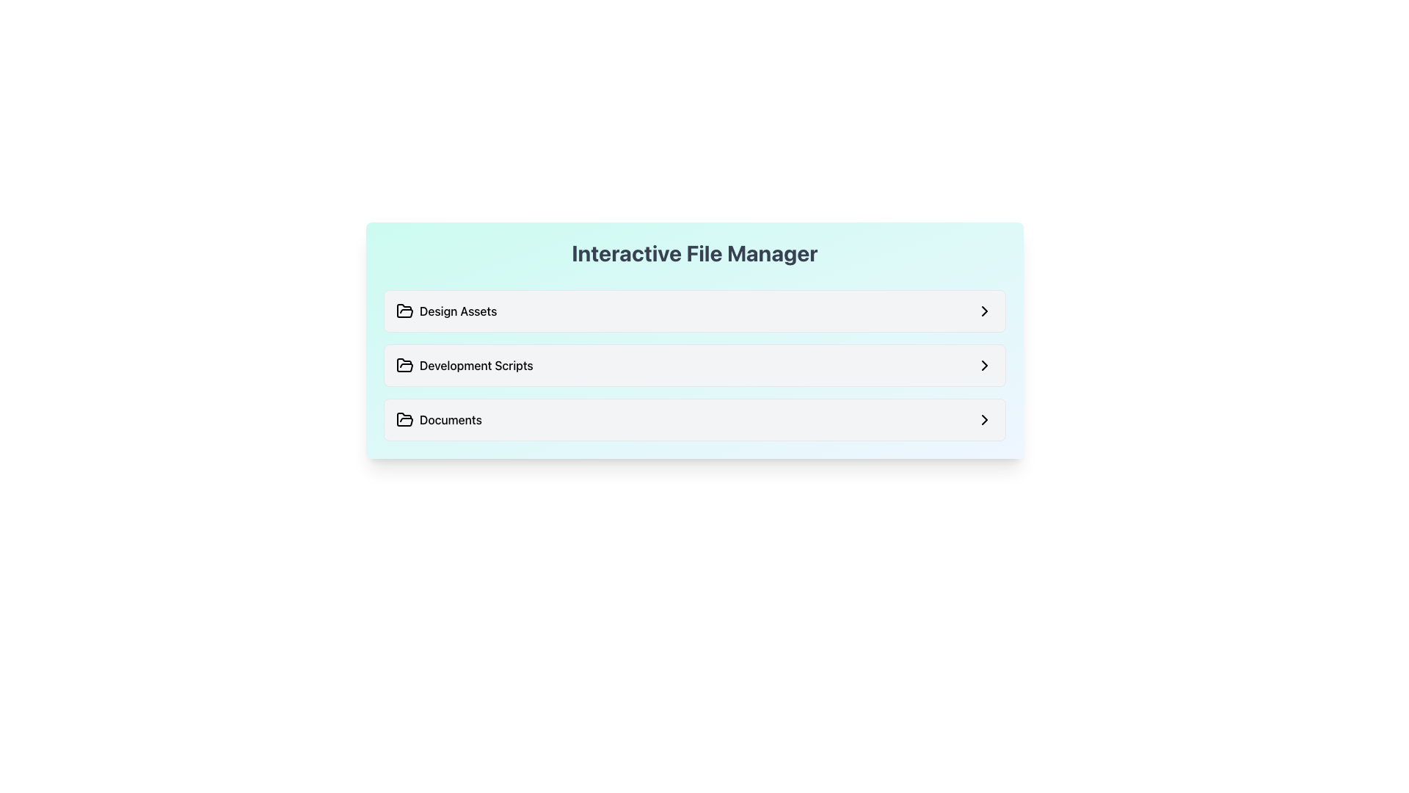 This screenshot has height=793, width=1409. Describe the element at coordinates (985, 311) in the screenshot. I see `the rightward-pointing chevron icon with a bold black outline located in the 'Design Assets' row` at that location.